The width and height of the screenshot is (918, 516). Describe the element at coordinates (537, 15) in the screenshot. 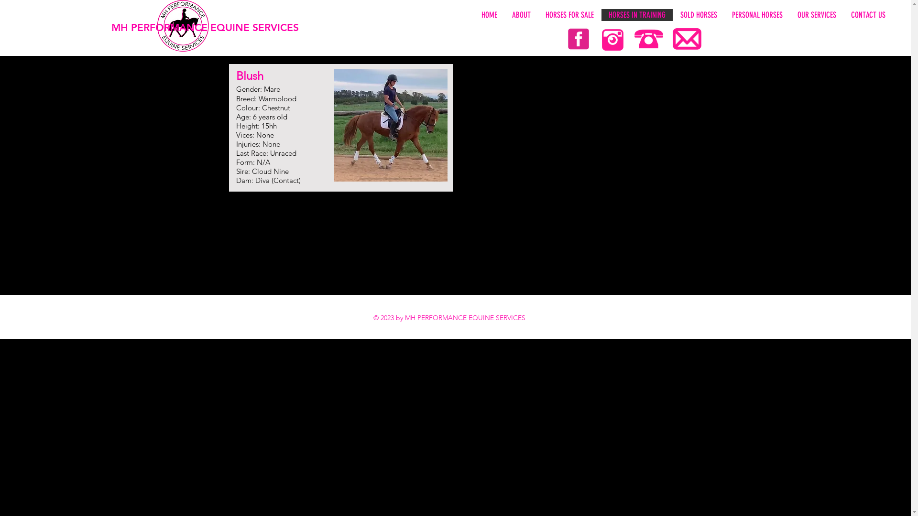

I see `'HORSES FOR SALE'` at that location.